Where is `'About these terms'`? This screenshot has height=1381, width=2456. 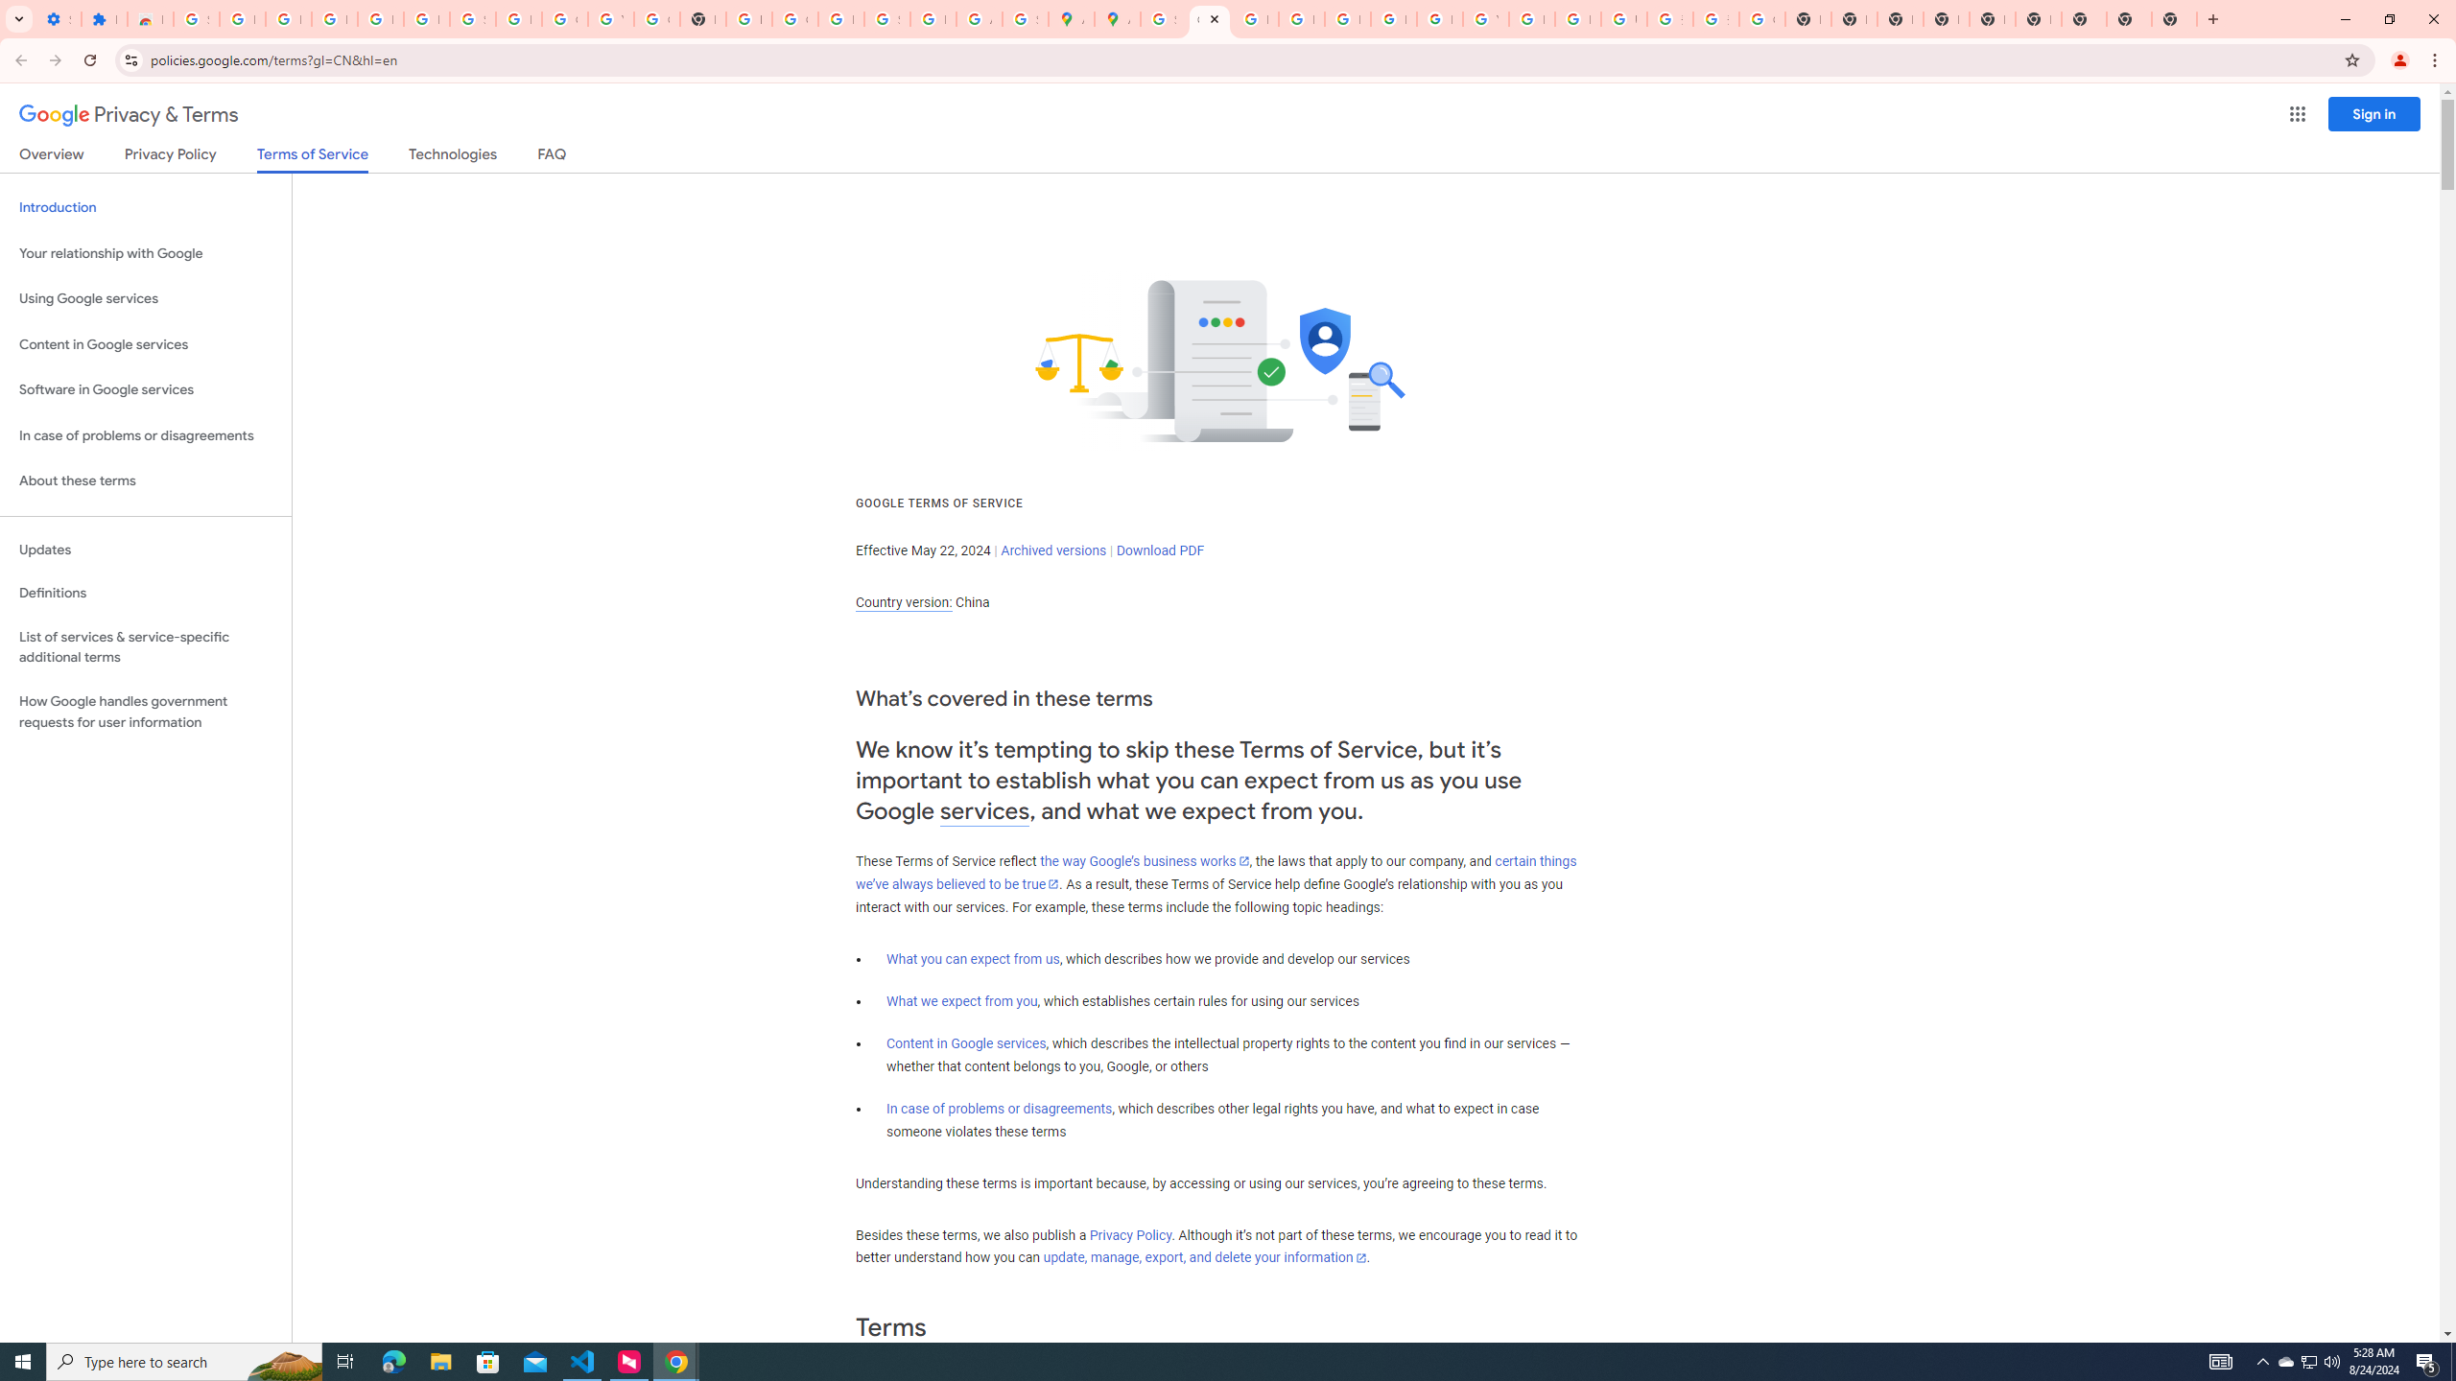 'About these terms' is located at coordinates (145, 480).